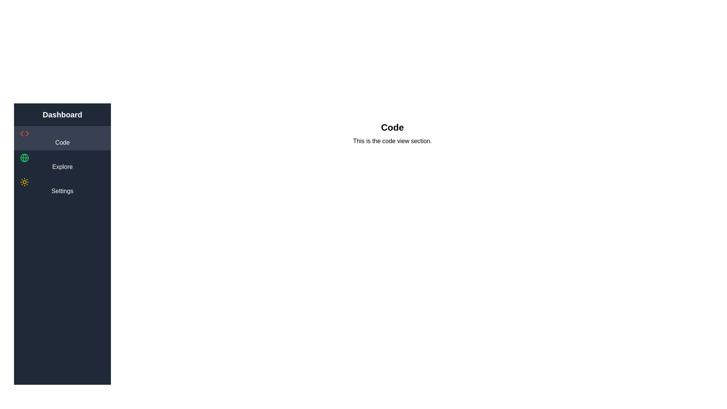 The height and width of the screenshot is (409, 727). I want to click on the sidebar item labeled 'Code' to highlight it, so click(62, 138).